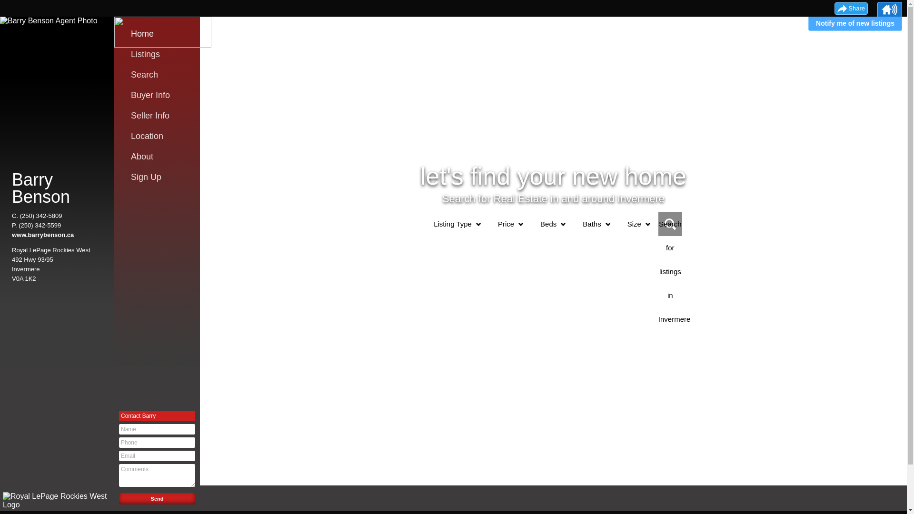 The width and height of the screenshot is (914, 514). I want to click on 'Home', so click(159, 33).